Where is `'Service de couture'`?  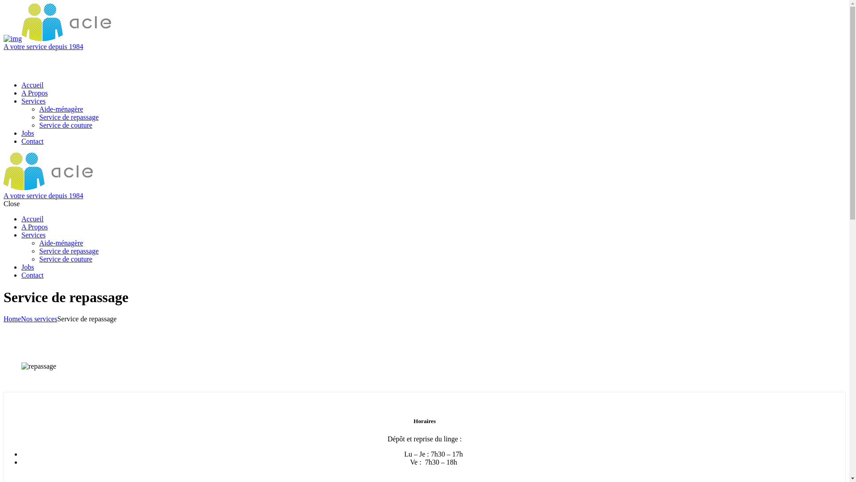 'Service de couture' is located at coordinates (65, 259).